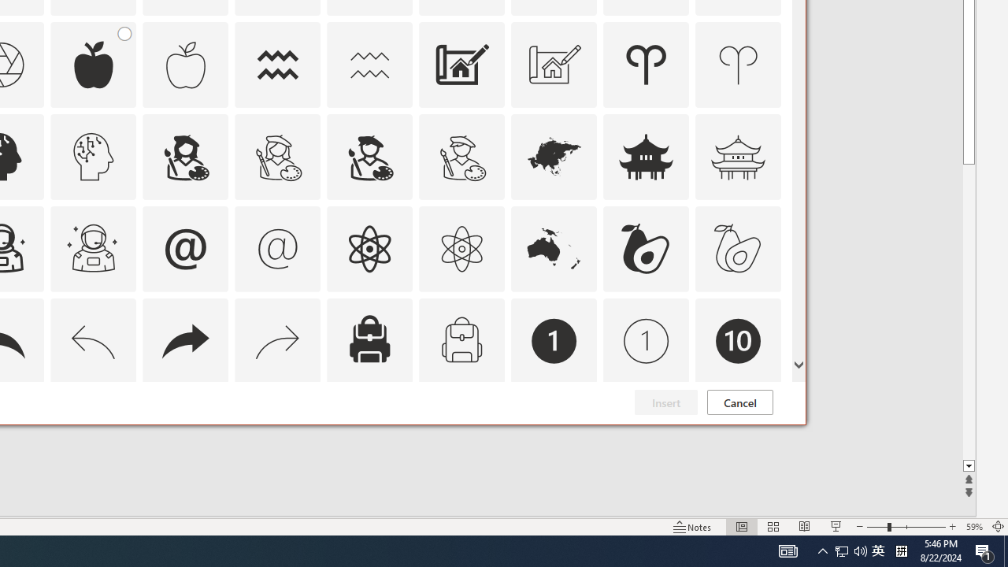 The width and height of the screenshot is (1008, 567). I want to click on 'AutomationID: Icons_Badge9', so click(647, 433).